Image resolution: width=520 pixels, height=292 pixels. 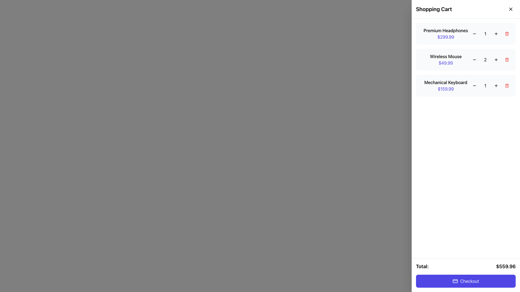 What do you see at coordinates (446, 62) in the screenshot?
I see `the price text of the 'Wireless Mouse' item located in the shopping cart interface` at bounding box center [446, 62].